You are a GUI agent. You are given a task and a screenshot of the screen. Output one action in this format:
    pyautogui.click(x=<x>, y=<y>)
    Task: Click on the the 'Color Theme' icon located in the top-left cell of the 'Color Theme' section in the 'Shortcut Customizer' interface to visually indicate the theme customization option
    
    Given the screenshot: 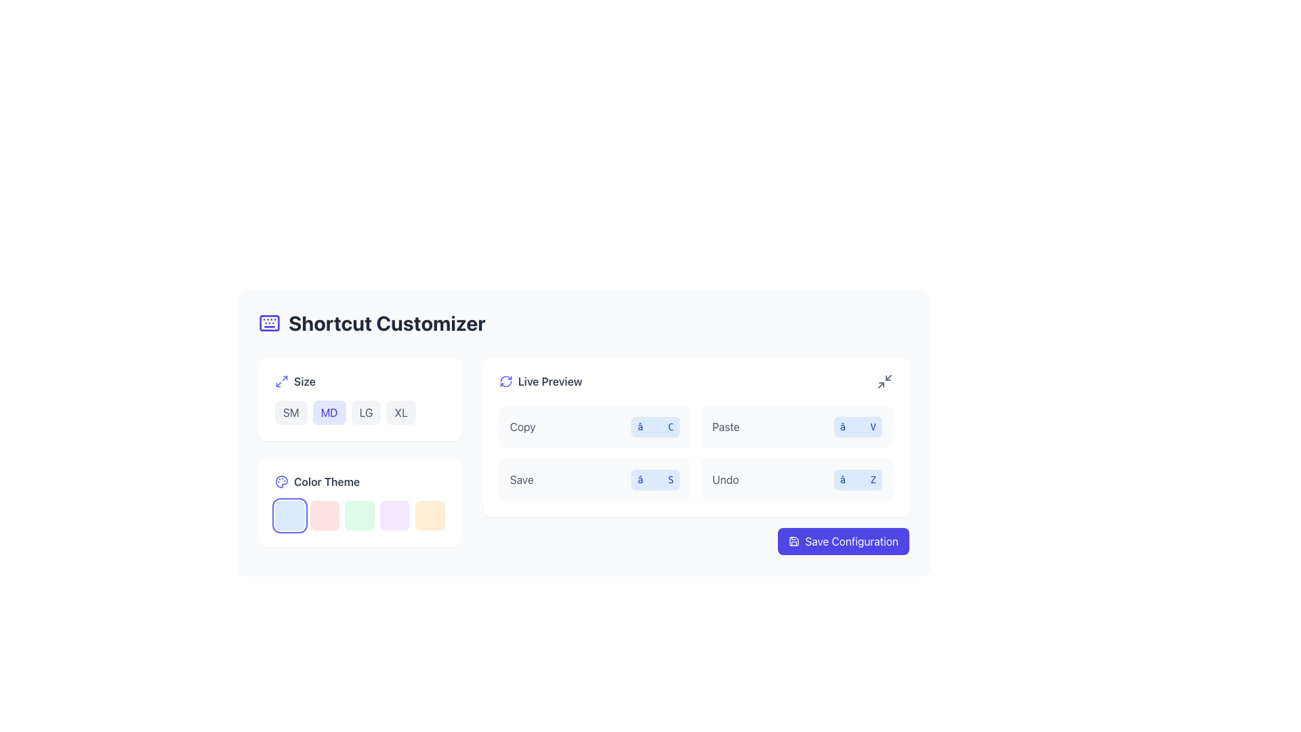 What is the action you would take?
    pyautogui.click(x=281, y=481)
    